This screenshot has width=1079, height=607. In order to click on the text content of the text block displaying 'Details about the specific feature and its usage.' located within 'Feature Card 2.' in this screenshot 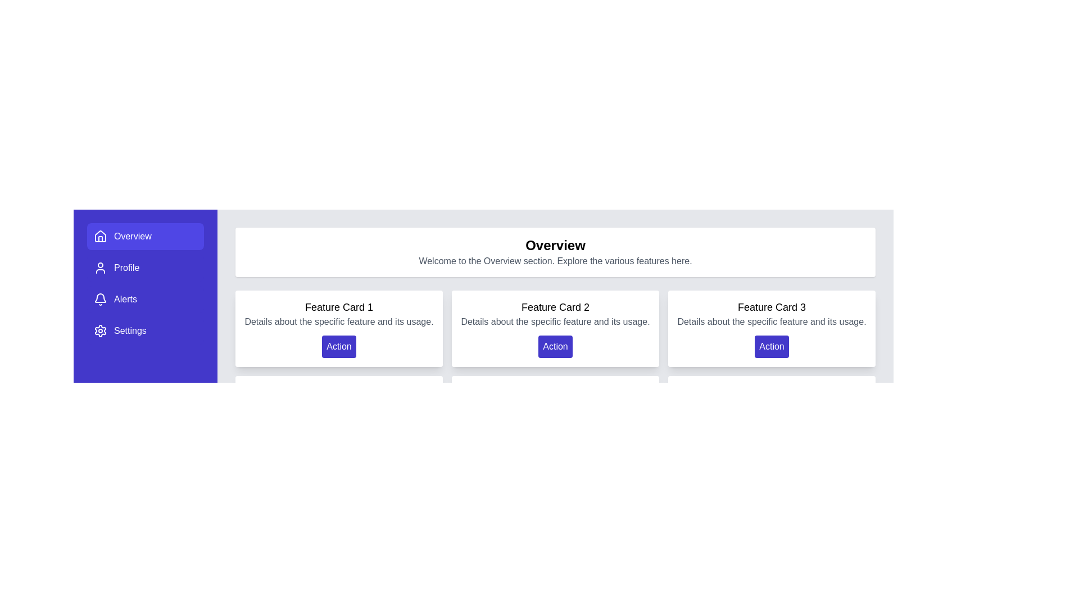, I will do `click(555, 322)`.